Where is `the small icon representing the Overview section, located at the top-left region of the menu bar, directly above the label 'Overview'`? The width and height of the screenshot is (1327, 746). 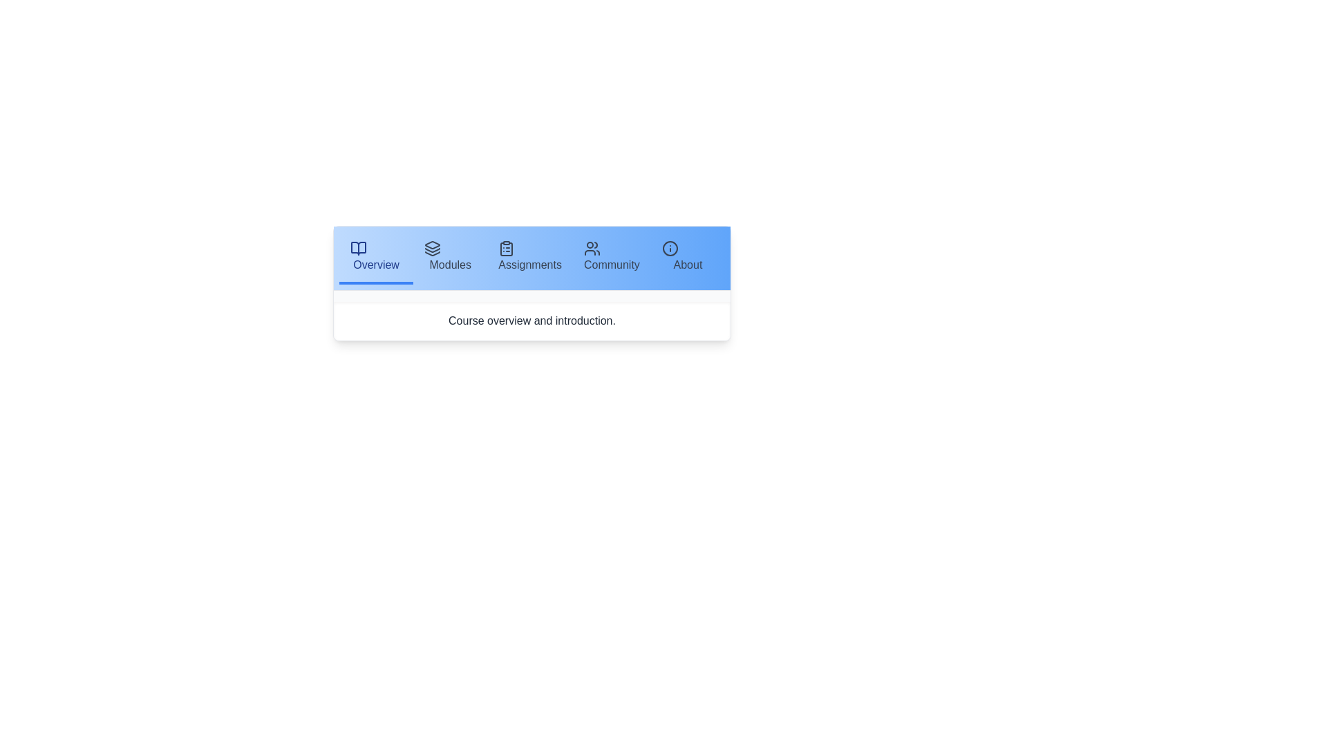
the small icon representing the Overview section, located at the top-left region of the menu bar, directly above the label 'Overview' is located at coordinates (358, 247).